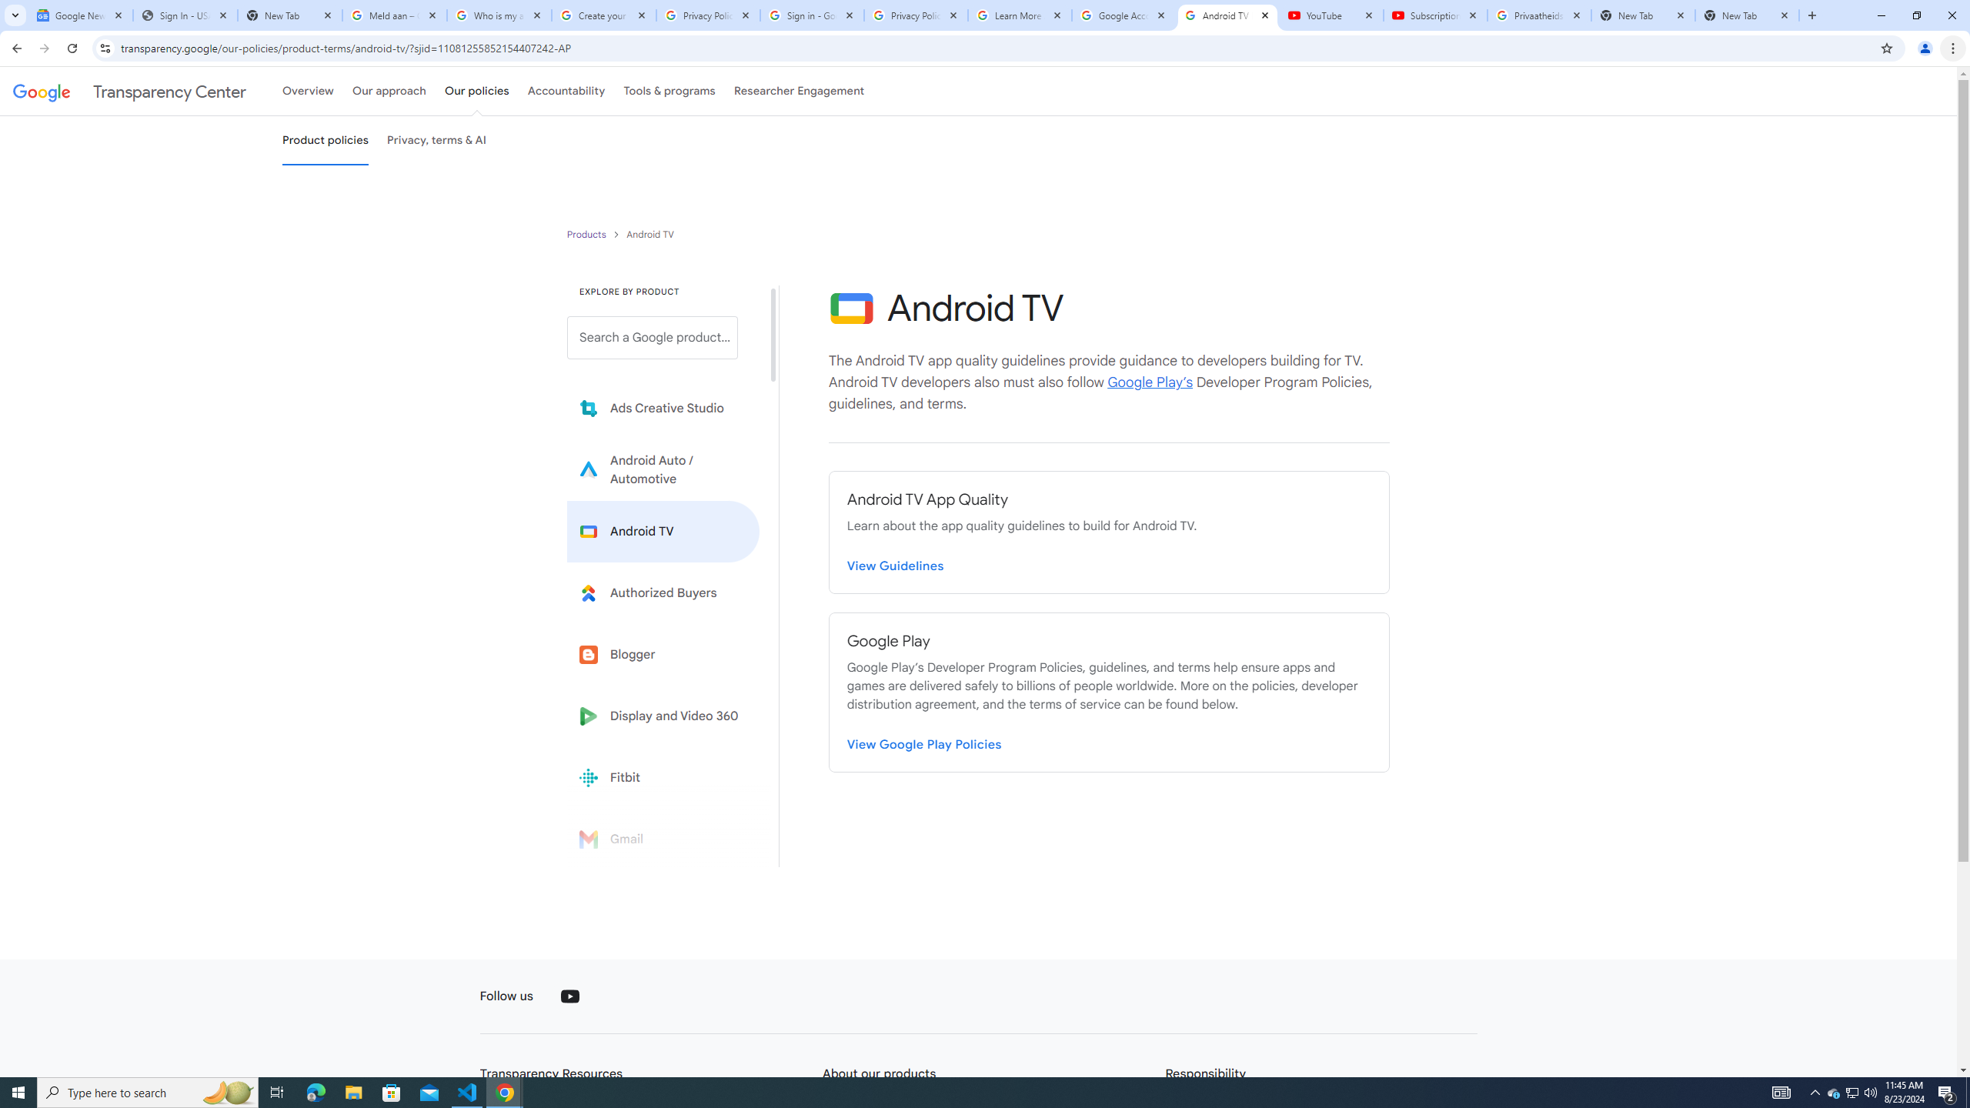  I want to click on 'Gmail', so click(663, 838).